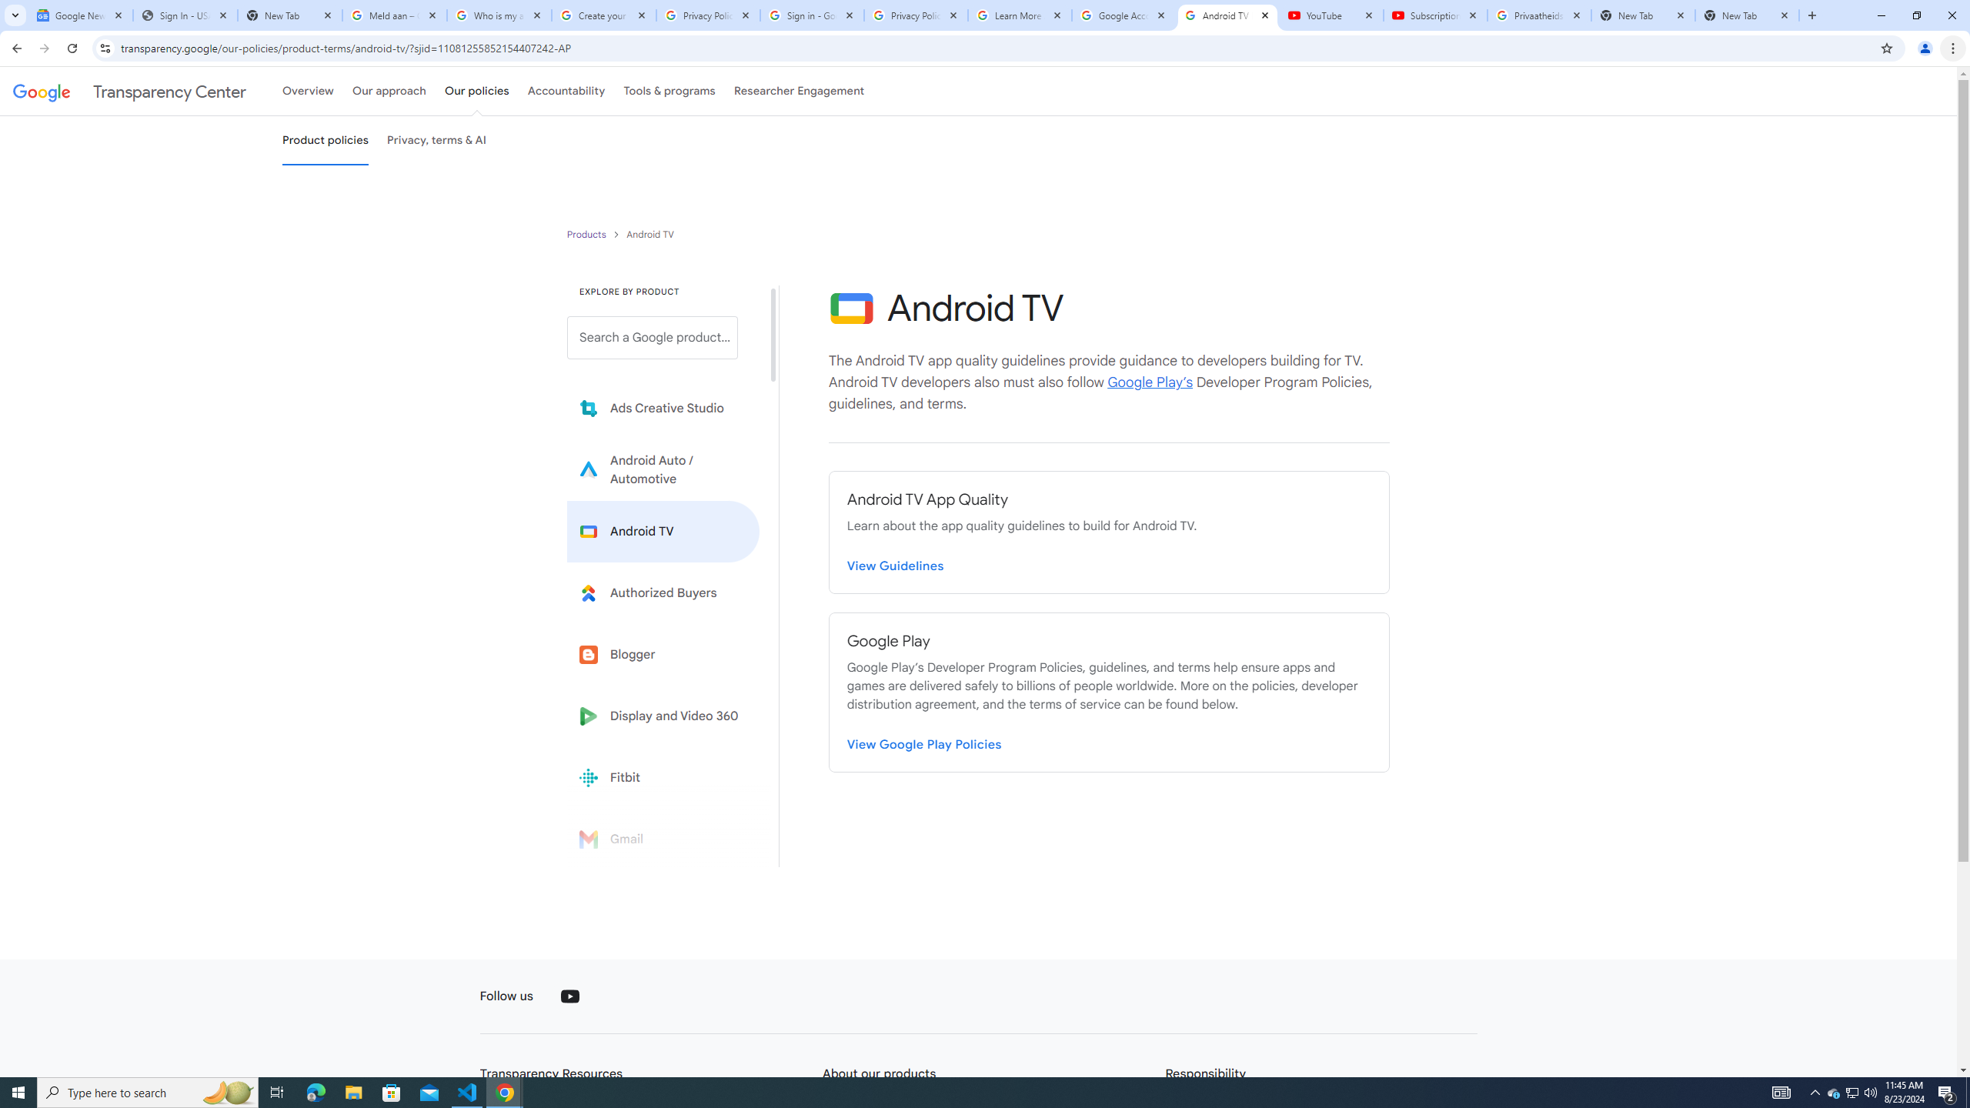  I want to click on 'Gmail', so click(663, 838).